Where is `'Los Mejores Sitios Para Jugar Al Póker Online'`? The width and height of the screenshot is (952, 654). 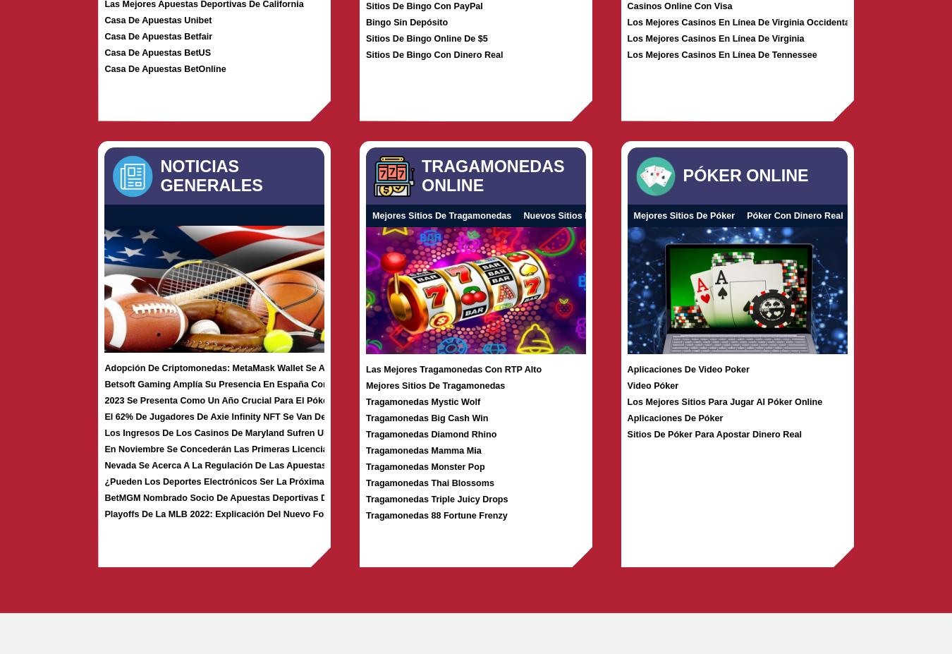 'Los Mejores Sitios Para Jugar Al Póker Online' is located at coordinates (724, 401).